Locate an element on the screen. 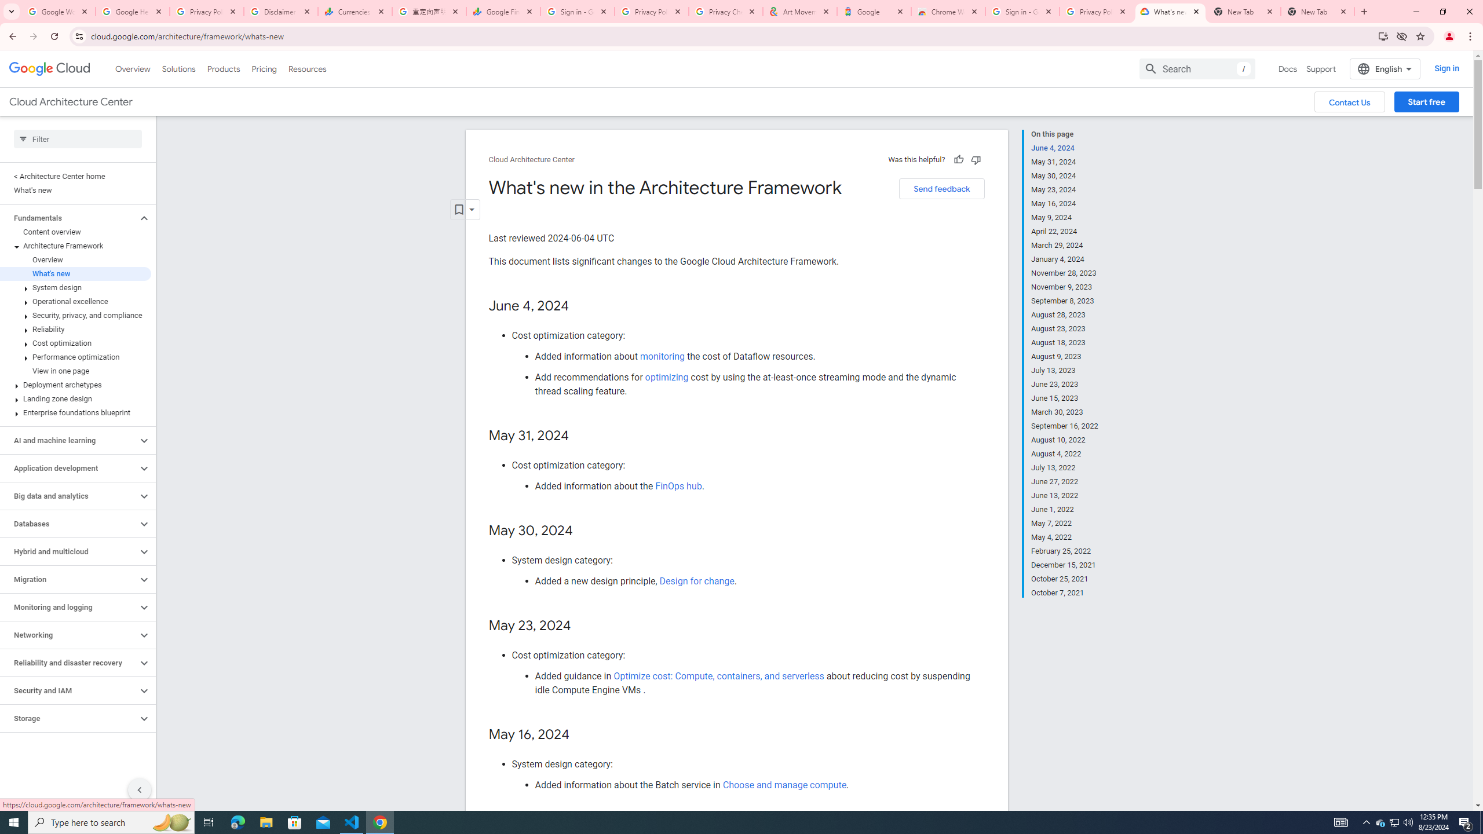 This screenshot has height=834, width=1483. 'What' is located at coordinates (75, 273).